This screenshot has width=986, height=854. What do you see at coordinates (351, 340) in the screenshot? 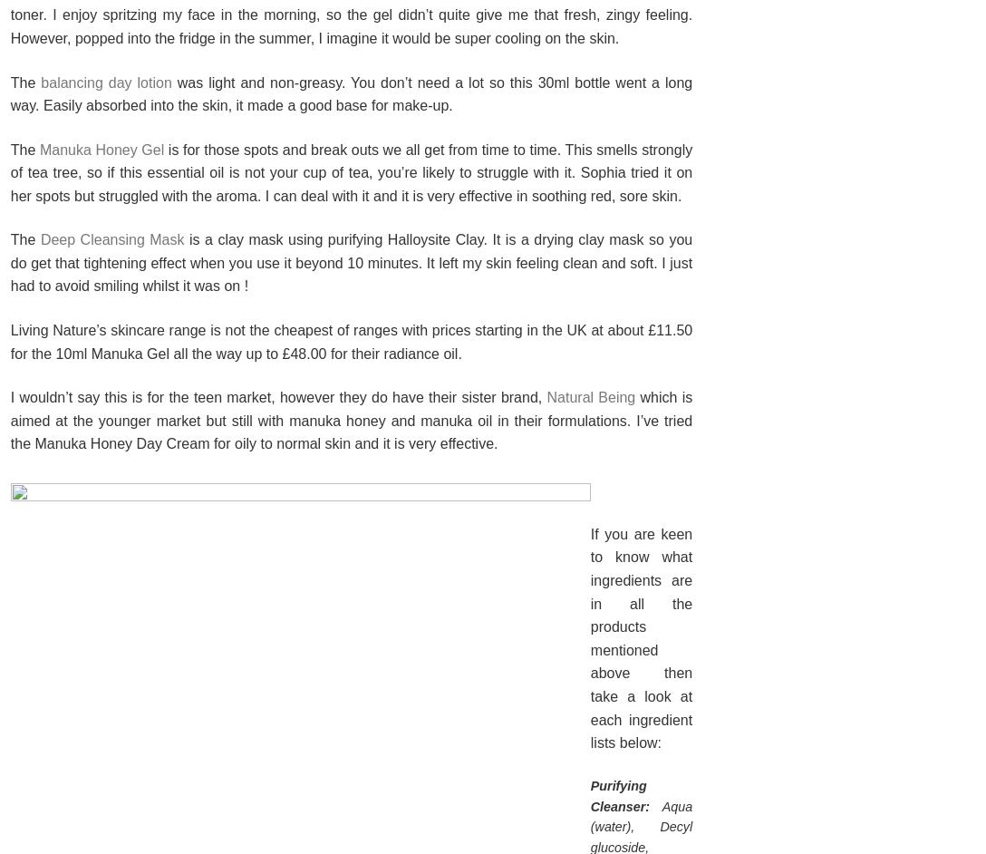
I see `'Living
Nature’s skincare range is not the cheapest of ranges with prices starting in
the UK at about £11.50 for the 10ml Manuka Gel all the way up to £48.00 for
their radiance oil.'` at bounding box center [351, 340].